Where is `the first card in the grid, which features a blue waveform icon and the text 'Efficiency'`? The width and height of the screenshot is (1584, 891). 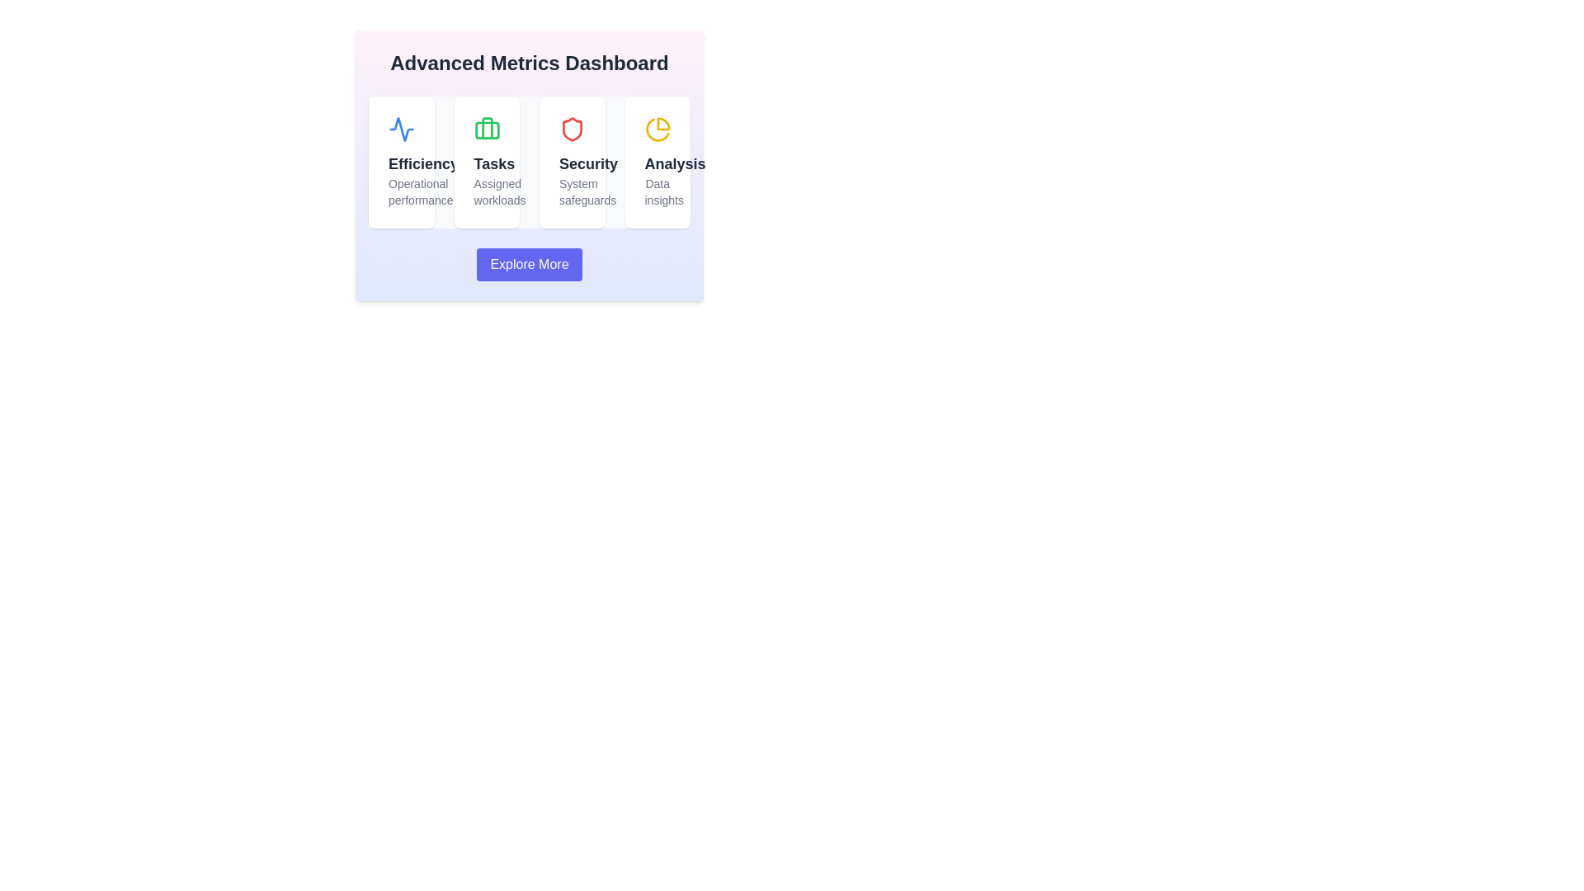
the first card in the grid, which features a blue waveform icon and the text 'Efficiency' is located at coordinates (401, 162).